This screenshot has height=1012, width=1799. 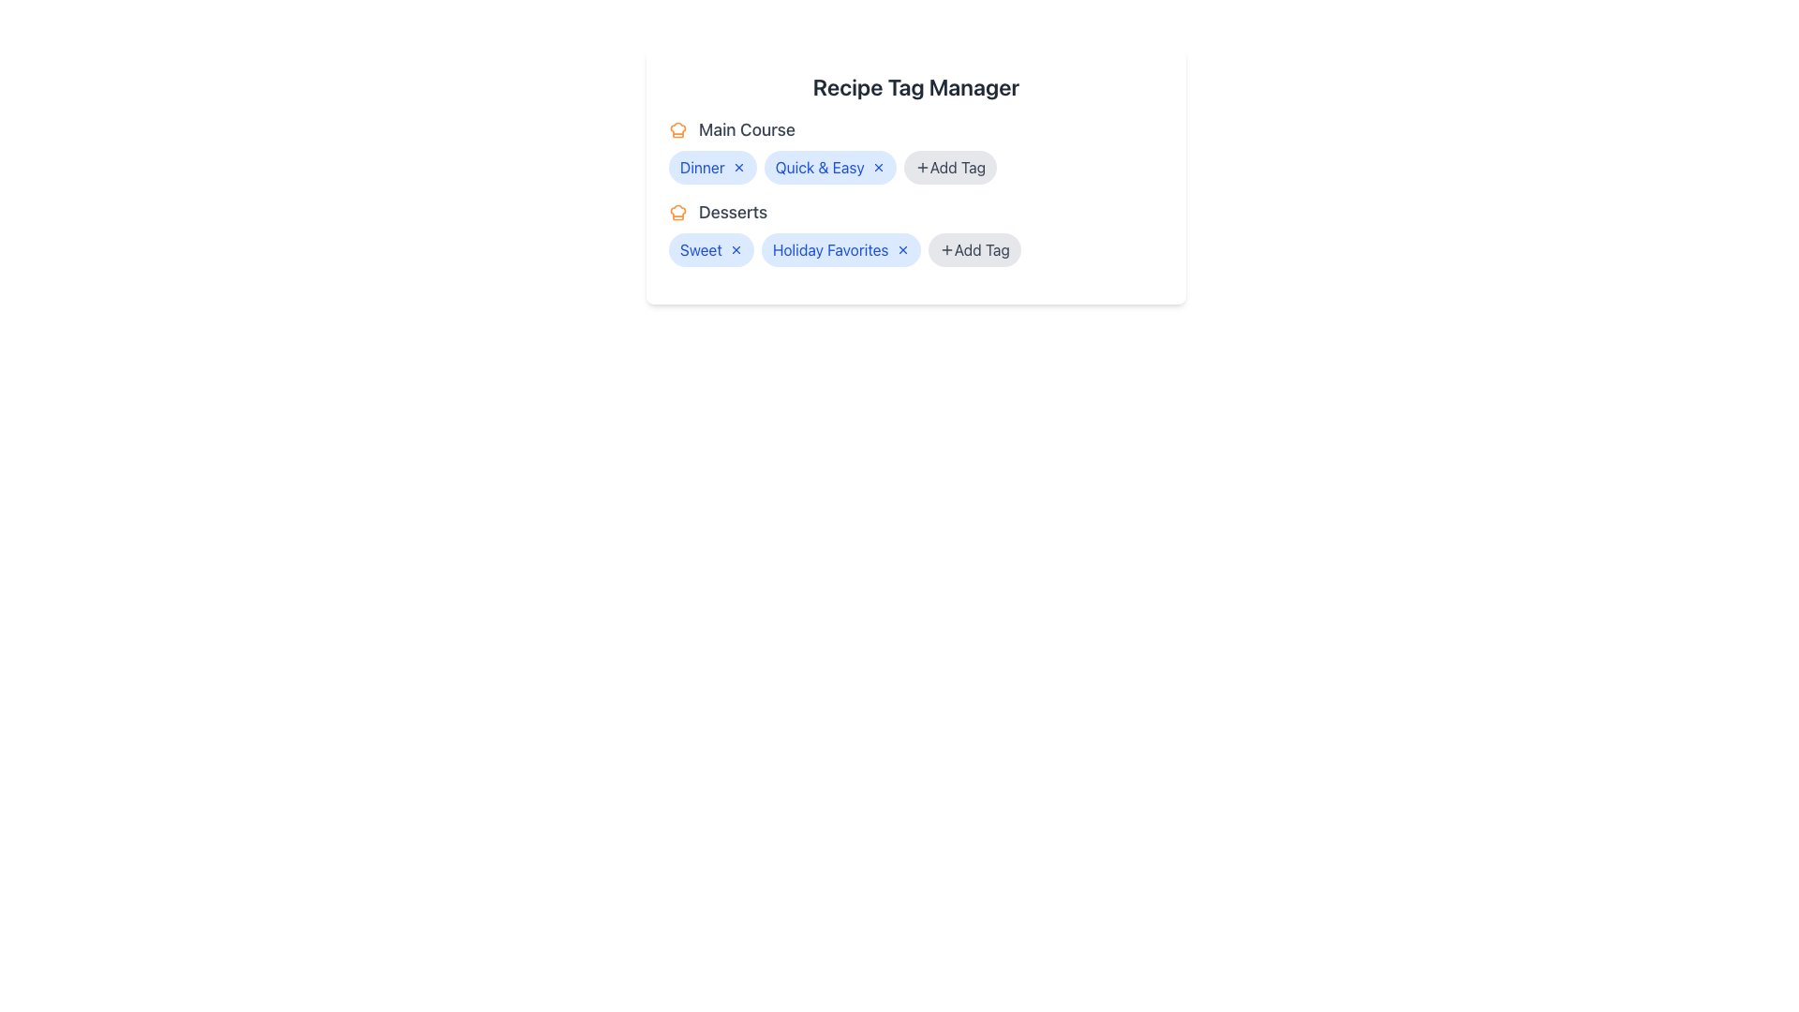 What do you see at coordinates (677, 212) in the screenshot?
I see `the chef's hat icon, which is styled in orange and located to the left of the 'Desserts' label` at bounding box center [677, 212].